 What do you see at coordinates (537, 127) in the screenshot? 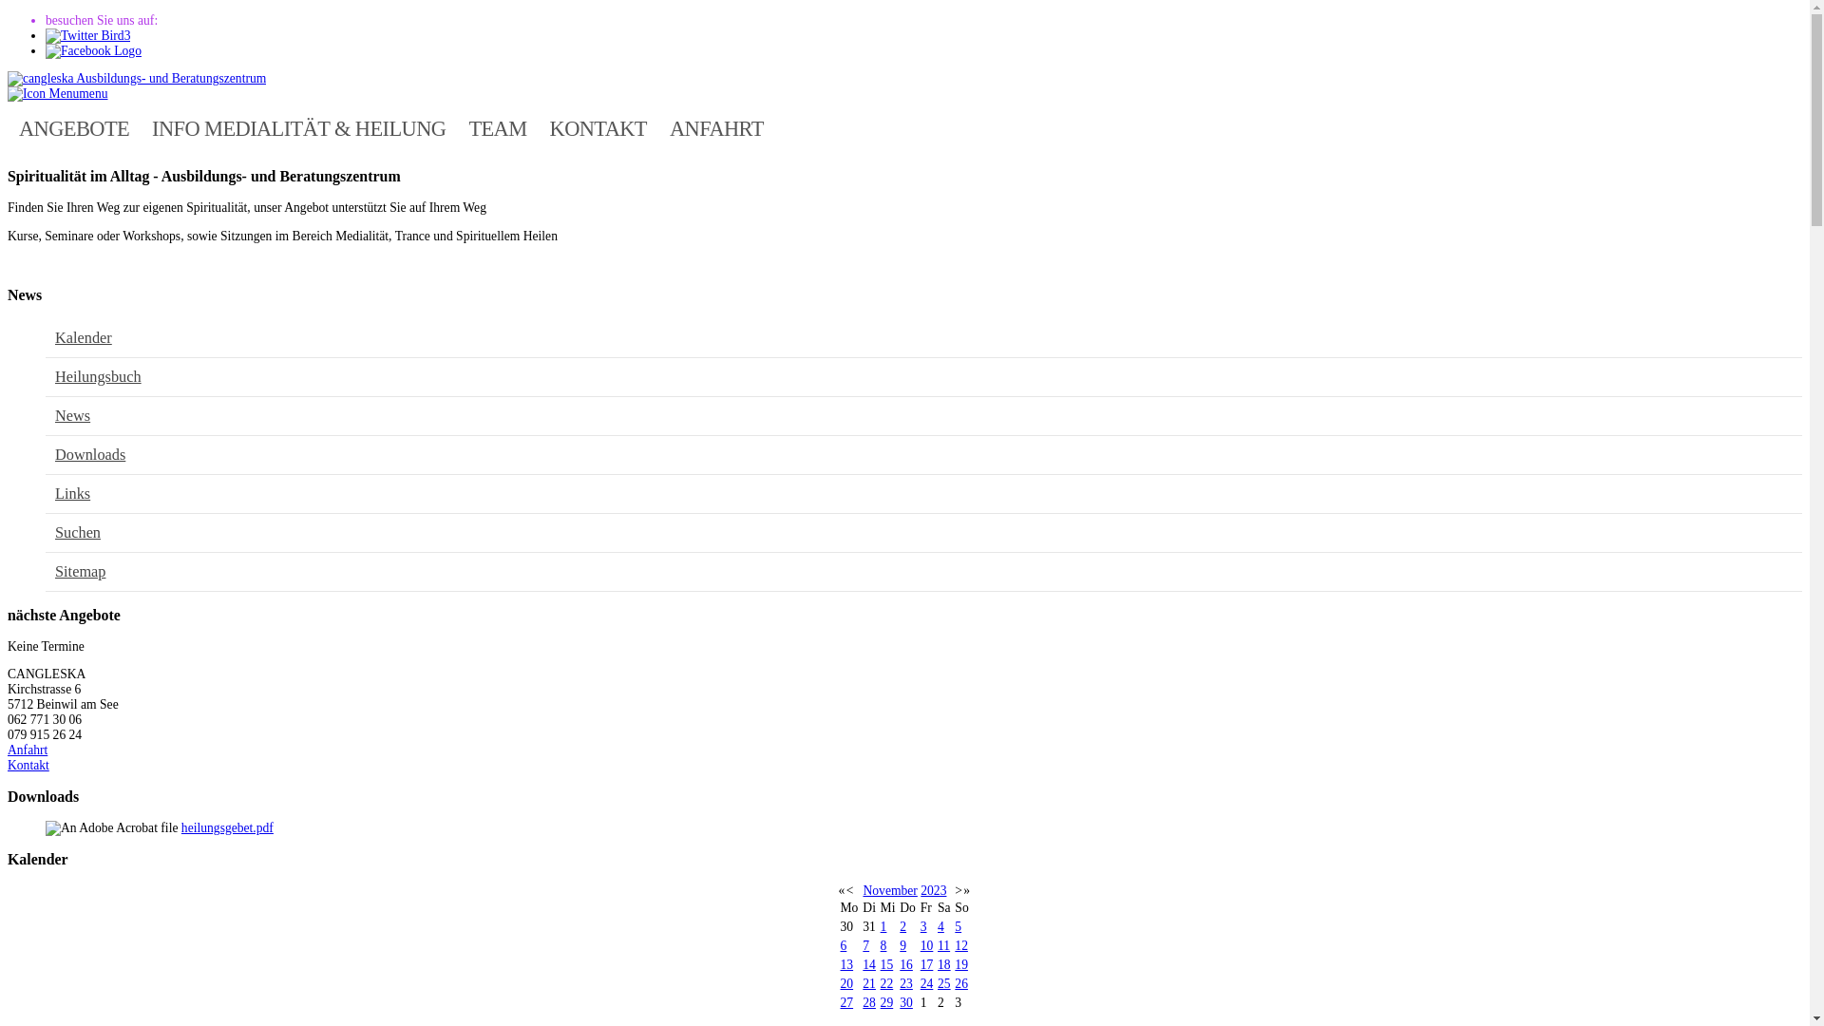
I see `'KONTAKT'` at bounding box center [537, 127].